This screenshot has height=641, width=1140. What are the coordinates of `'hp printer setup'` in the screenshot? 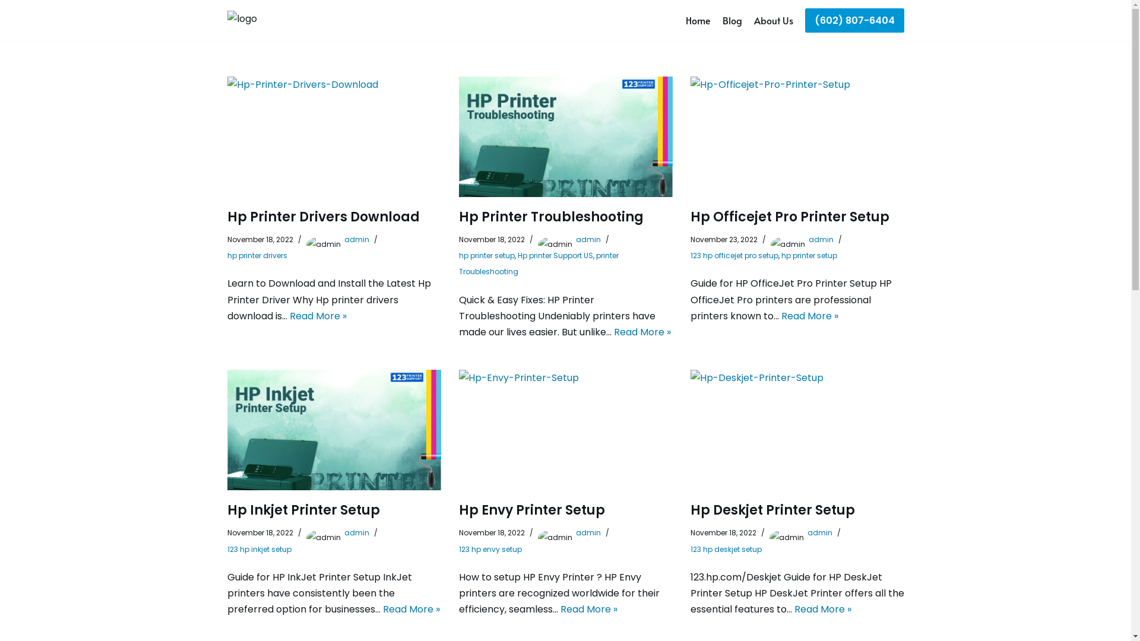 It's located at (486, 255).